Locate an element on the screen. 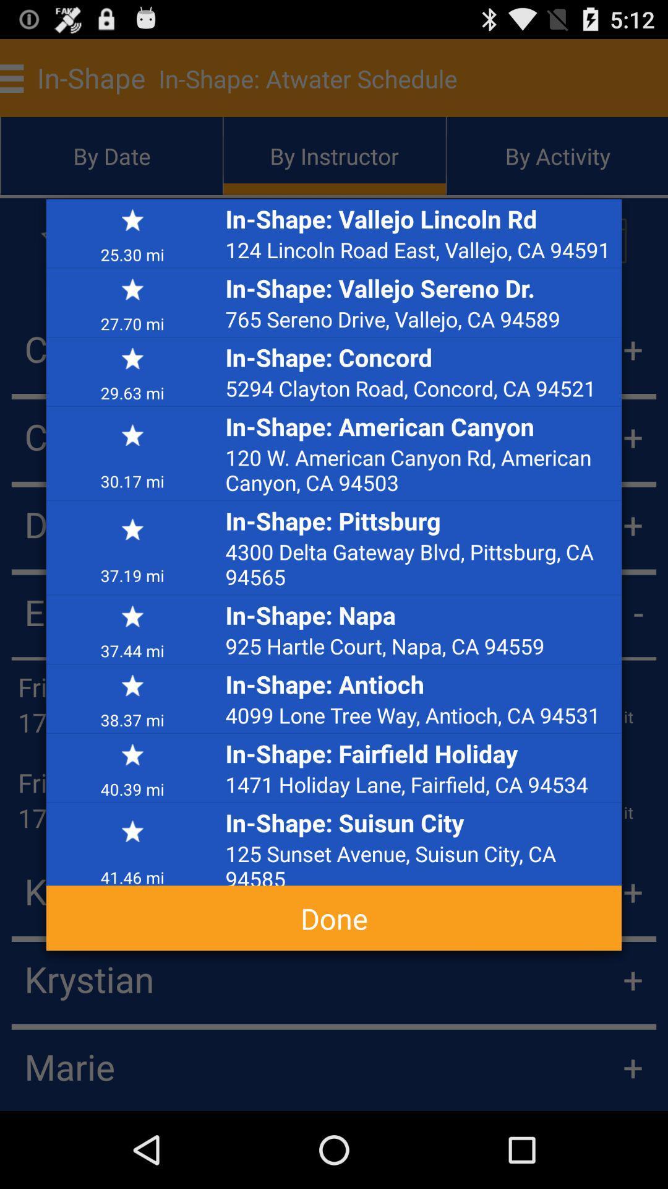 Image resolution: width=668 pixels, height=1189 pixels. the done is located at coordinates (334, 918).